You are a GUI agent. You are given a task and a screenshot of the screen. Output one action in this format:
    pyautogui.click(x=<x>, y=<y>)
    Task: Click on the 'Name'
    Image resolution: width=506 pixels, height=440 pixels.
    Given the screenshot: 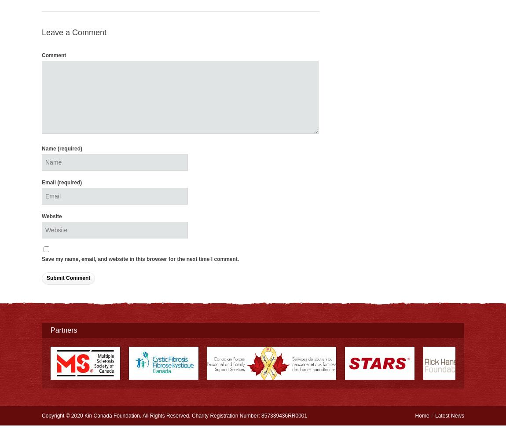 What is the action you would take?
    pyautogui.click(x=49, y=148)
    